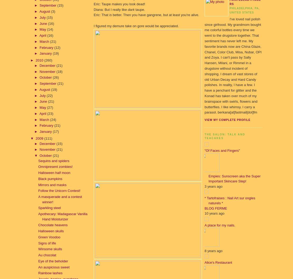 The image size is (293, 279). I want to click on '(18)', so click(59, 71).